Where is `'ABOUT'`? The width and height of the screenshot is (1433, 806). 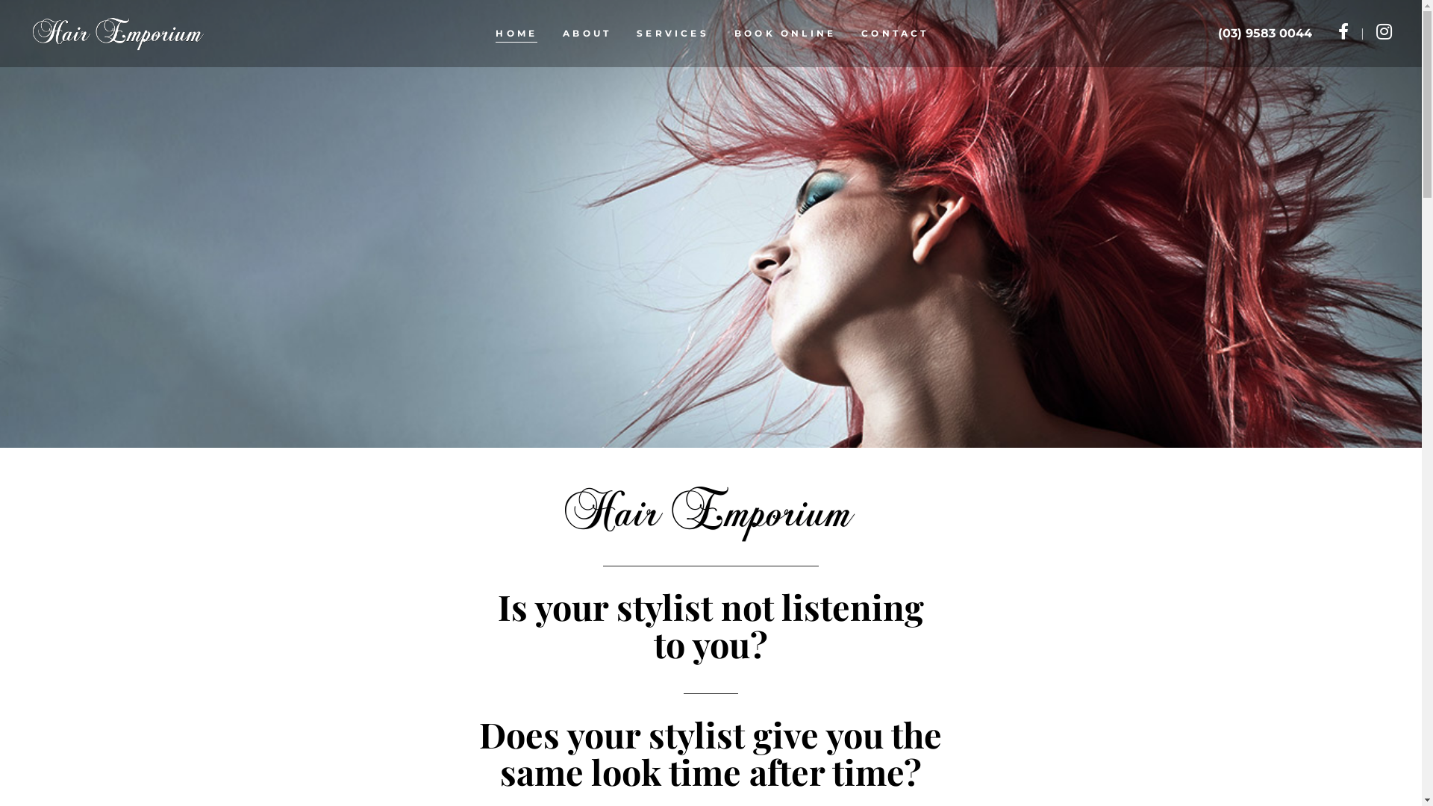 'ABOUT' is located at coordinates (549, 34).